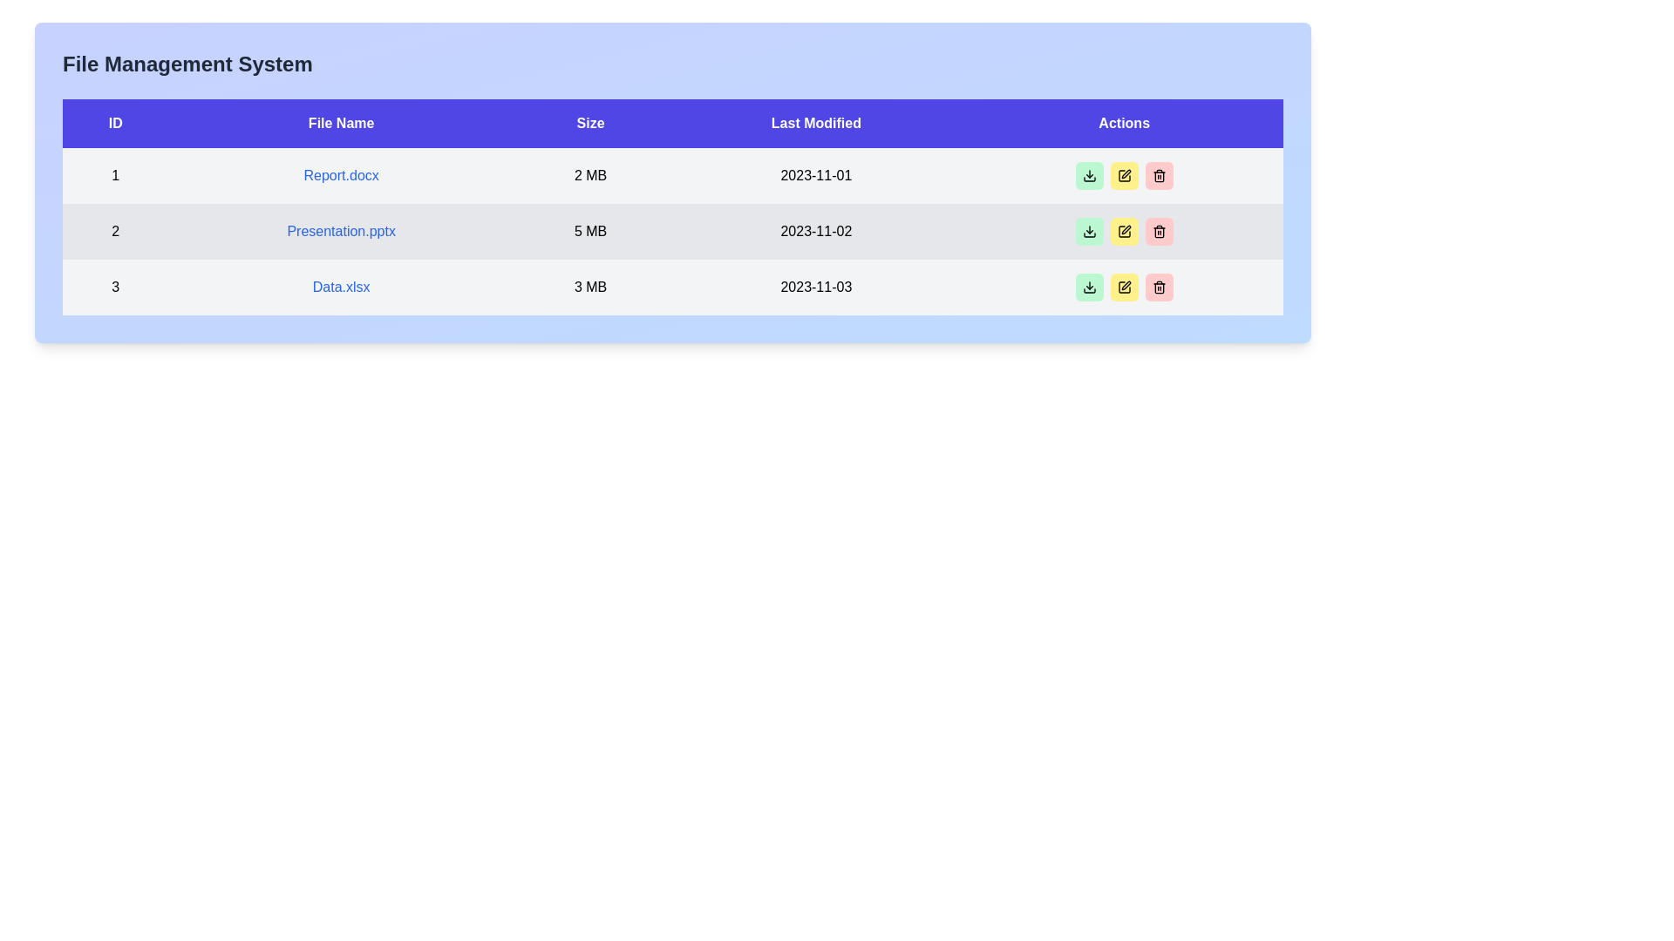 This screenshot has width=1674, height=941. I want to click on the 'Last Modified' date display in the third row of the file information table, so click(815, 287).